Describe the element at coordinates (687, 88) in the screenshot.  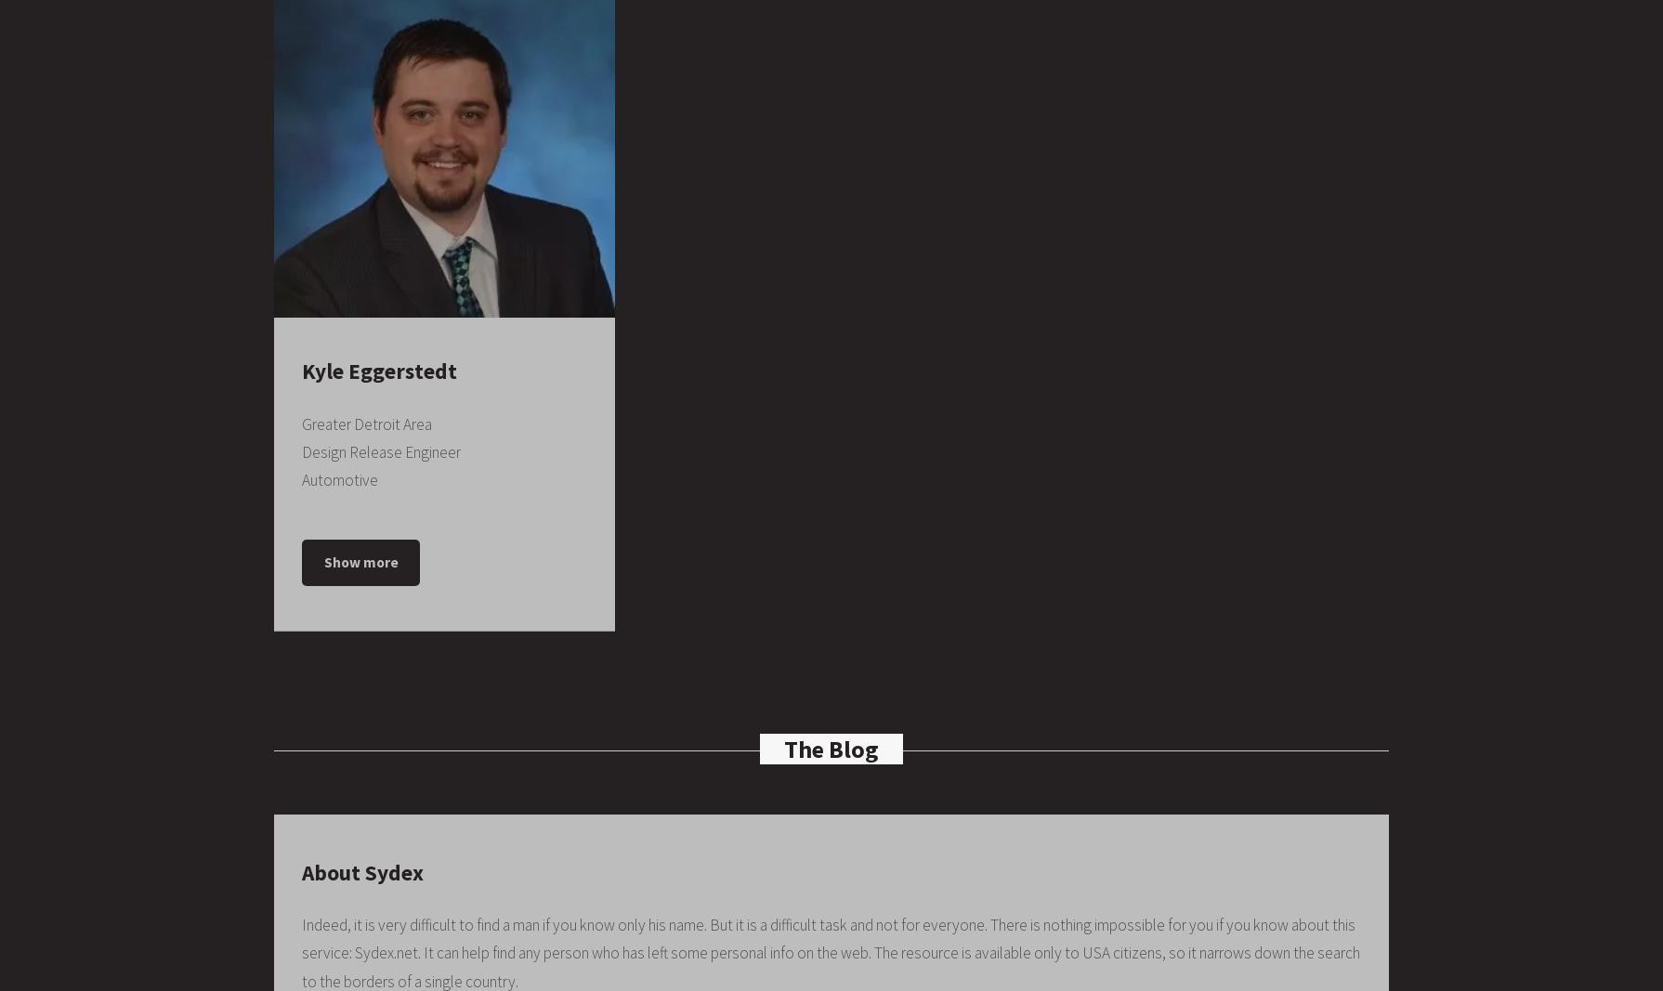
I see `'Whitman-Walker Clinic'` at that location.